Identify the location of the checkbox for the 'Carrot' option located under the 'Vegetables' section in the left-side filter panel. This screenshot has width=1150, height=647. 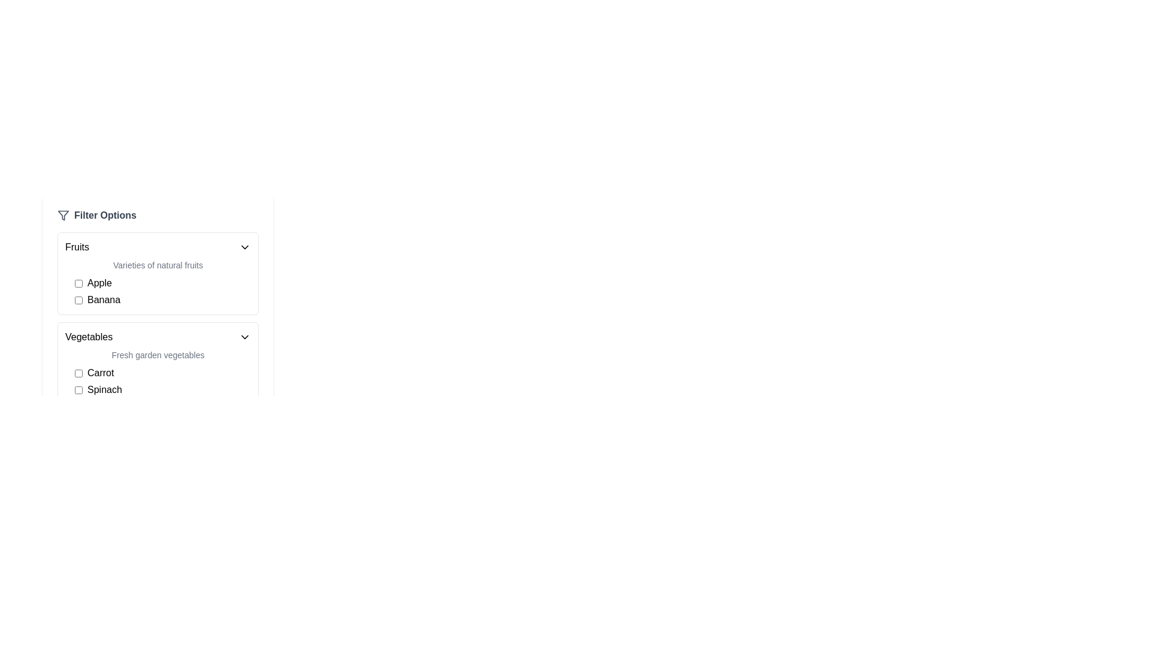
(162, 373).